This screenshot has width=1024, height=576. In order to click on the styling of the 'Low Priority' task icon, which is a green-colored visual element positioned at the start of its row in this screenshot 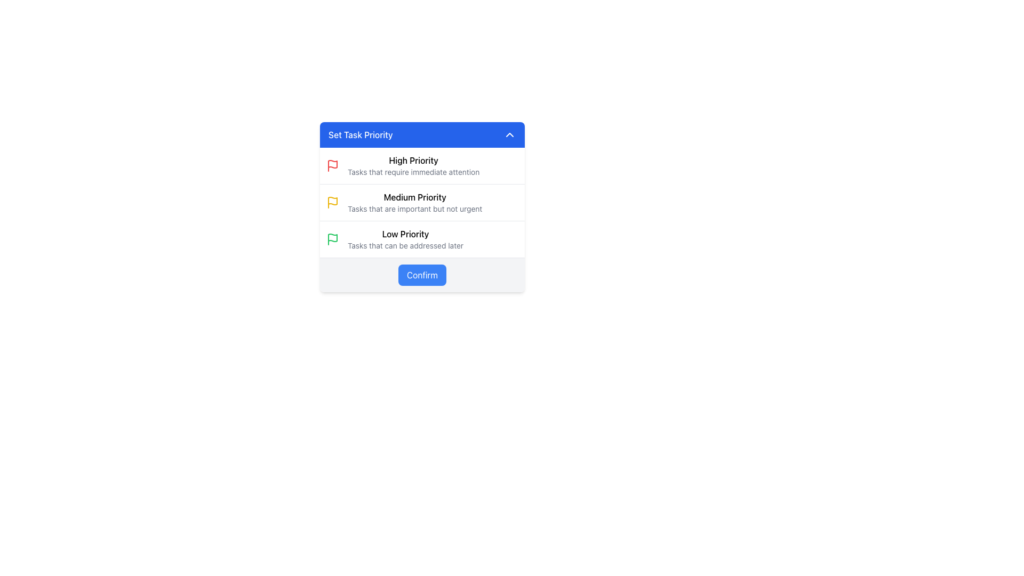, I will do `click(332, 238)`.